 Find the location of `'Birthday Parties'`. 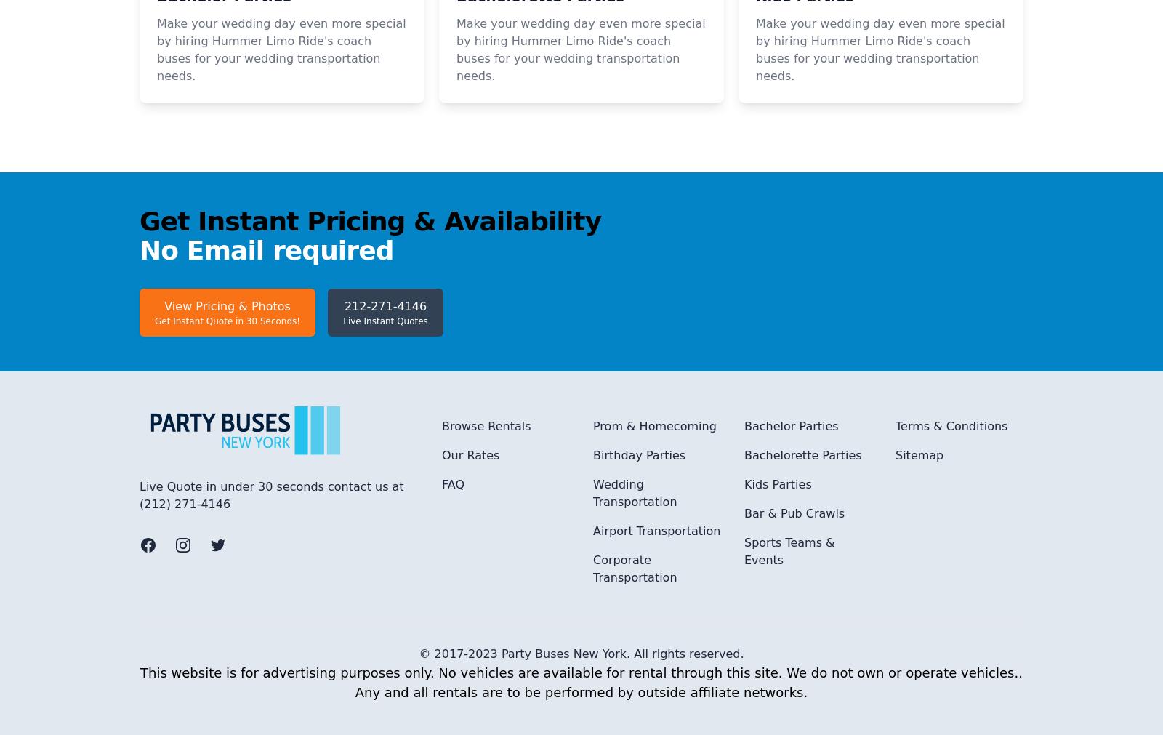

'Birthday Parties' is located at coordinates (638, 648).